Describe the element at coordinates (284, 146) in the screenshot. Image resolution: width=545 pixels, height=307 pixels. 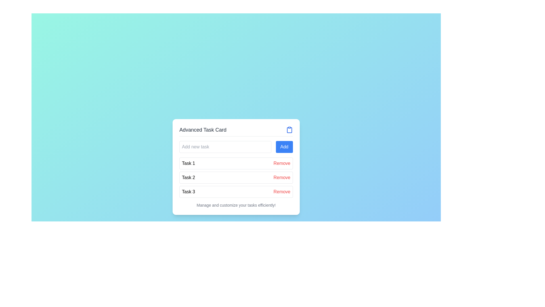
I see `the rectangular blue button labeled 'Add'` at that location.